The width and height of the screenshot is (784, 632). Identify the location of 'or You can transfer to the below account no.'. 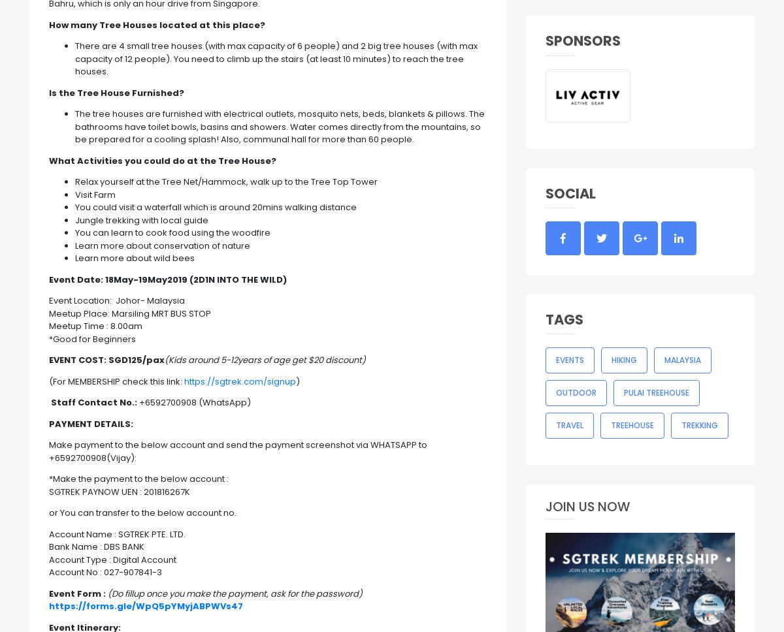
(49, 512).